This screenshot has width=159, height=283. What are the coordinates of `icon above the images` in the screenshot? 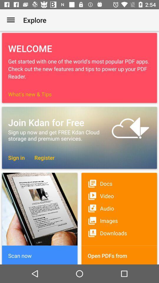 It's located at (119, 208).